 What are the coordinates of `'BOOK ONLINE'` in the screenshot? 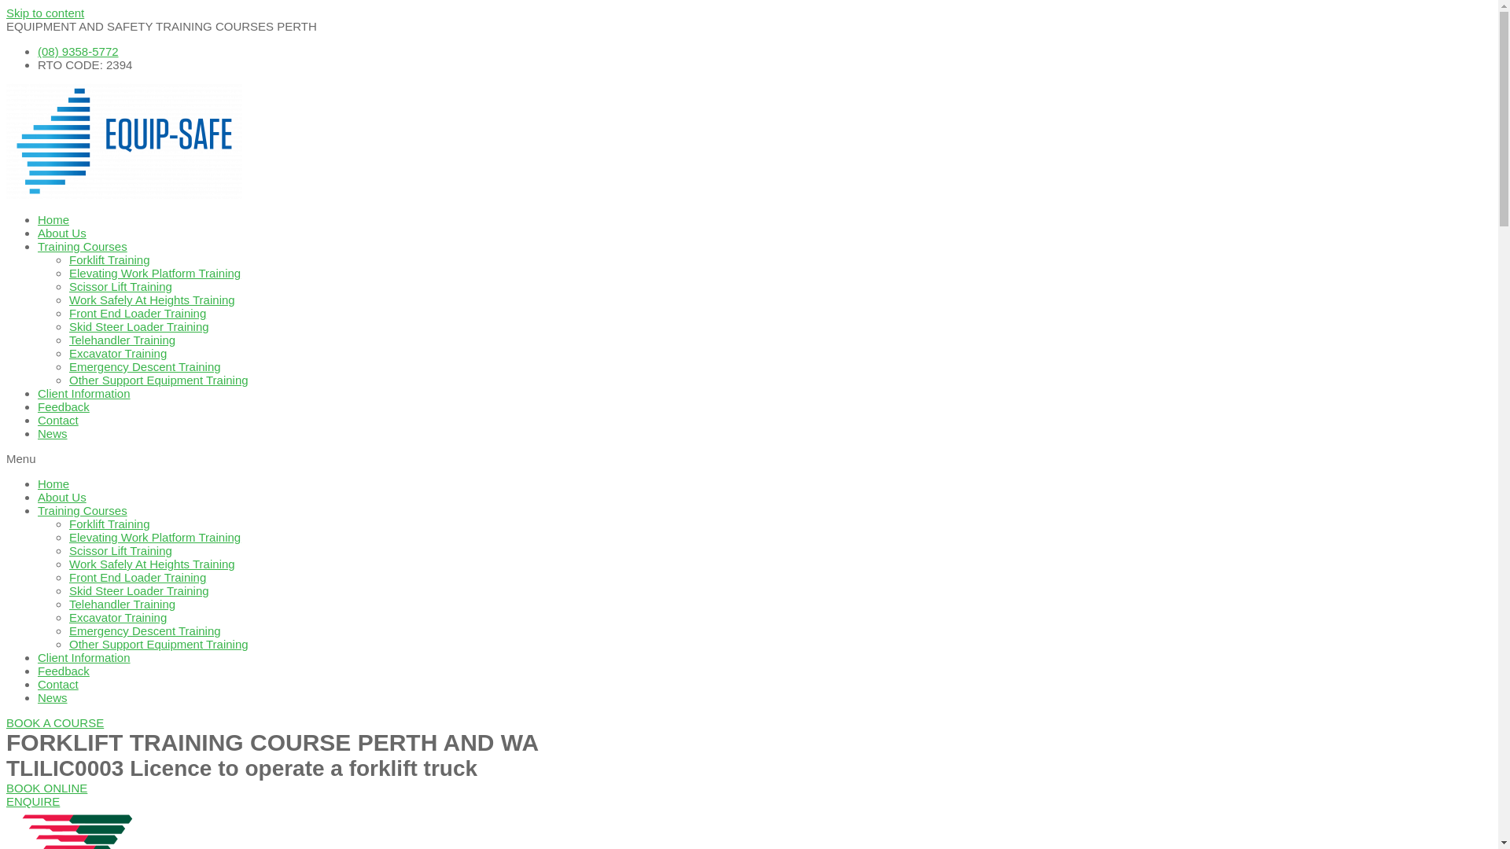 It's located at (46, 788).